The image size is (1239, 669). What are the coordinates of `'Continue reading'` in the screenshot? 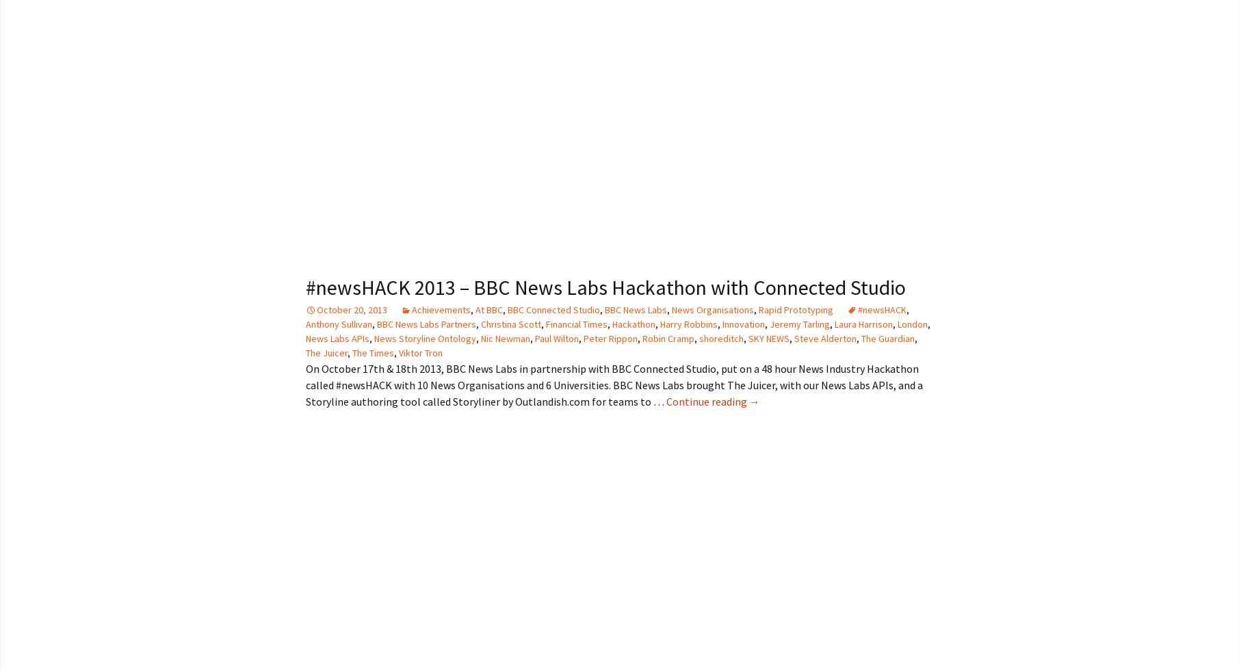 It's located at (665, 401).